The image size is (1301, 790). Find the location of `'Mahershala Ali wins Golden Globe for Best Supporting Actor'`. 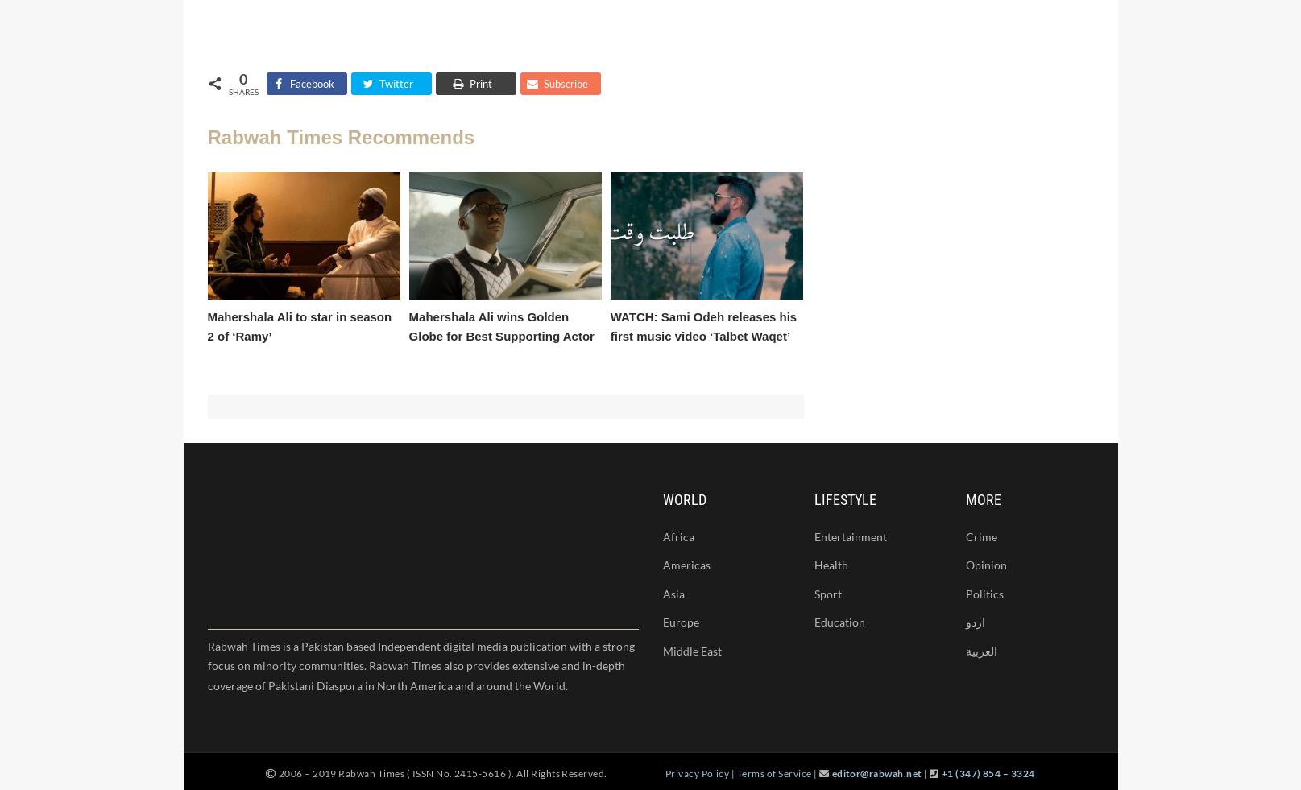

'Mahershala Ali wins Golden Globe for Best Supporting Actor' is located at coordinates (500, 325).